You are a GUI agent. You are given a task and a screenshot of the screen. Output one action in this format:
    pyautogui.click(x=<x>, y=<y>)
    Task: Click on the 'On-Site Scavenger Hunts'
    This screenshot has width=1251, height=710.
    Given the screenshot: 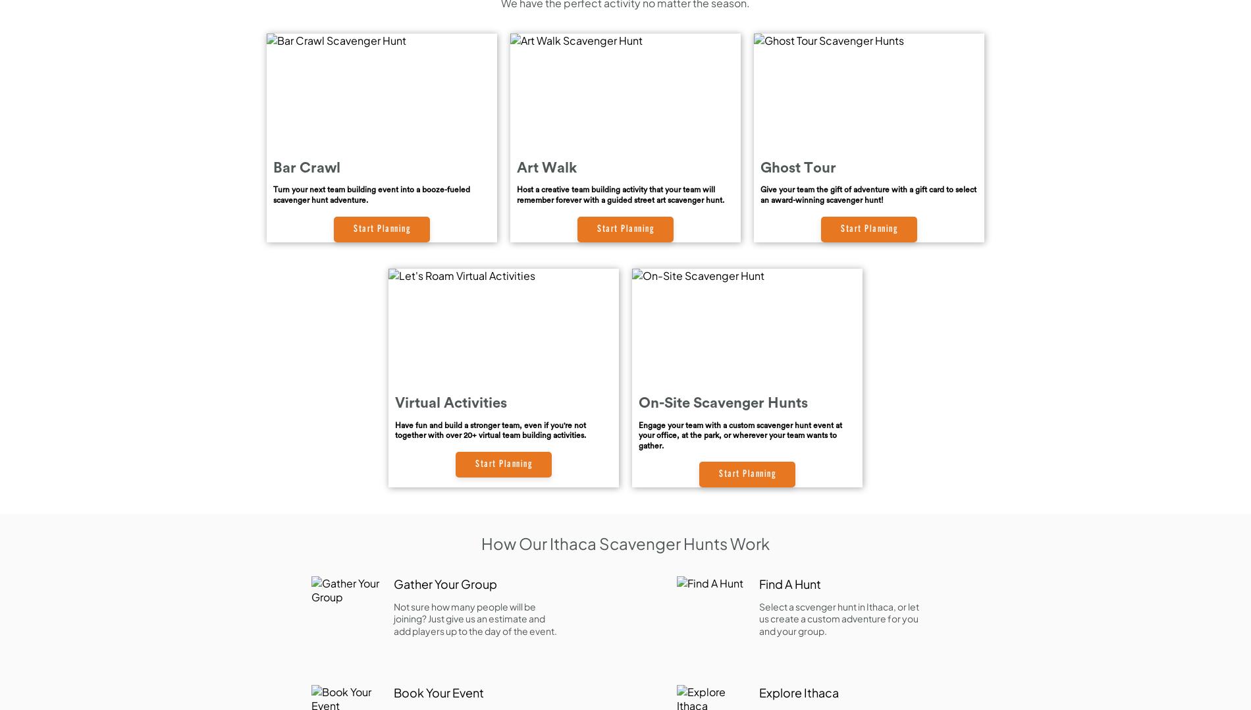 What is the action you would take?
    pyautogui.click(x=638, y=402)
    